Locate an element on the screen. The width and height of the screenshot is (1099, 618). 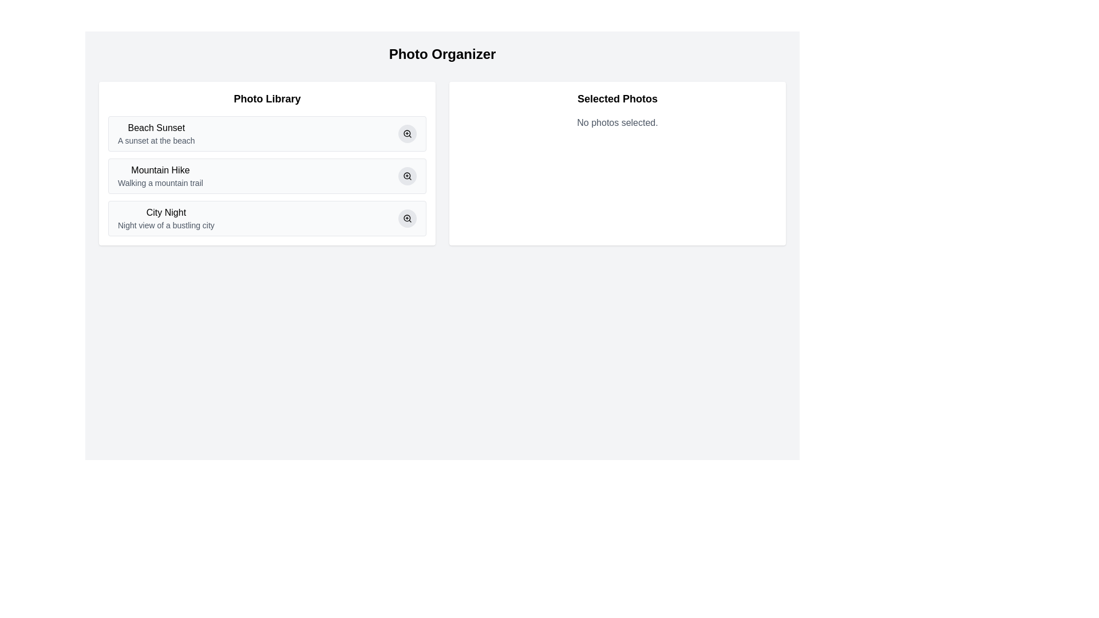
the descriptive text label for the 'Mountain Hike' item in the Photo Library list, which provides additional context about the item is located at coordinates (160, 183).